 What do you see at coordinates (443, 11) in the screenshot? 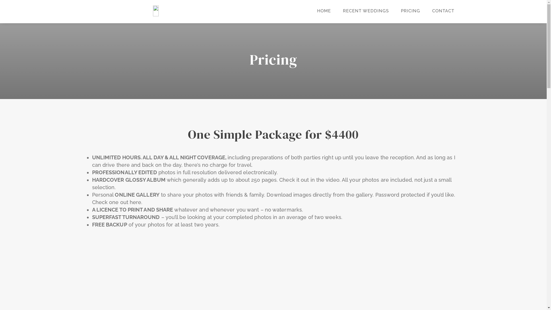
I see `'CONTACT'` at bounding box center [443, 11].